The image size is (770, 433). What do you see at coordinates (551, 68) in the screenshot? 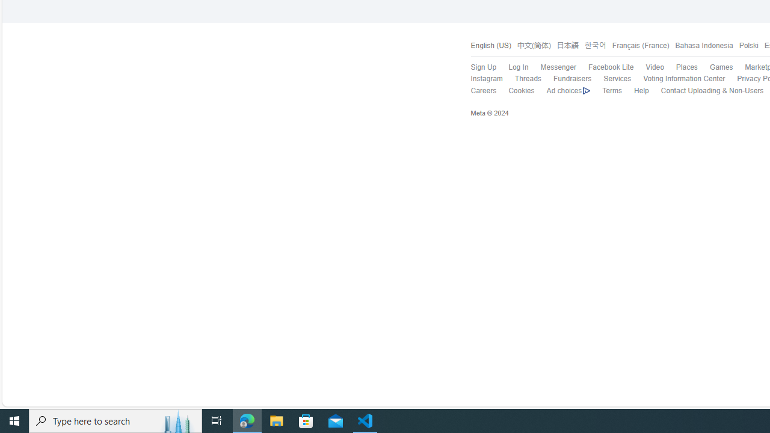
I see `'Messenger'` at bounding box center [551, 68].